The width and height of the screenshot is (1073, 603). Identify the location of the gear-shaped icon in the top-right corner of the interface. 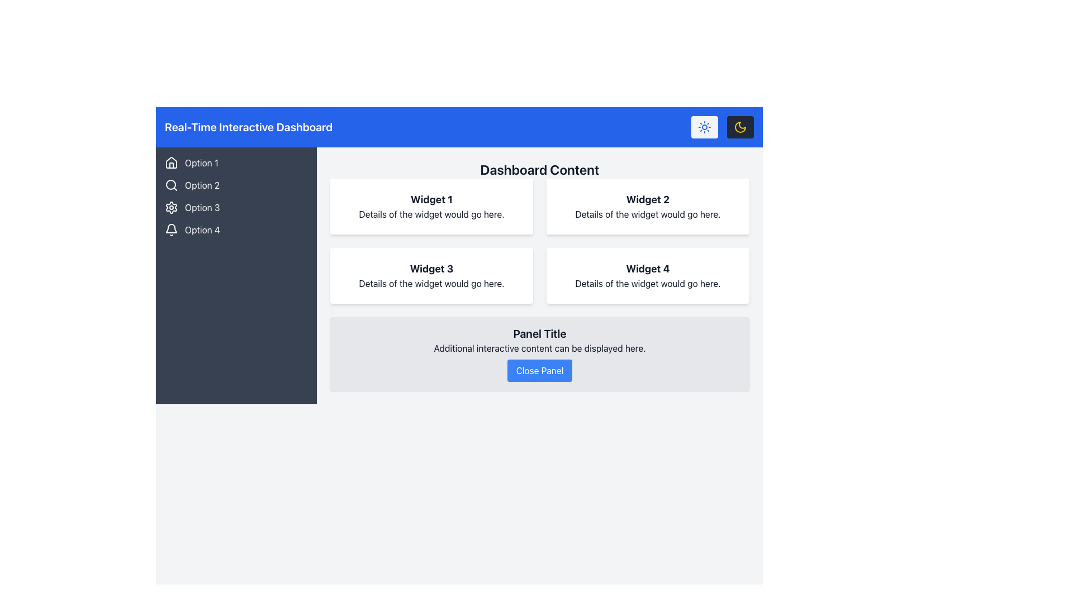
(171, 207).